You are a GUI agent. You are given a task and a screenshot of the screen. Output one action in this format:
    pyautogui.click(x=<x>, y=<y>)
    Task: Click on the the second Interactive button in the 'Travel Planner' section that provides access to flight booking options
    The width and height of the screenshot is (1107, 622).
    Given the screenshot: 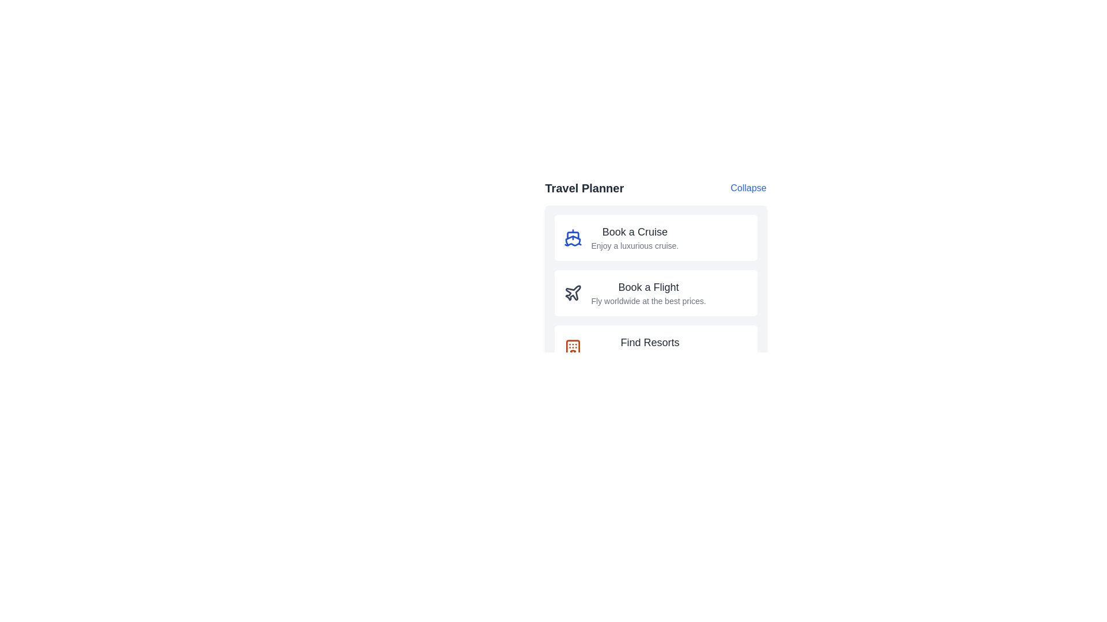 What is the action you would take?
    pyautogui.click(x=656, y=293)
    